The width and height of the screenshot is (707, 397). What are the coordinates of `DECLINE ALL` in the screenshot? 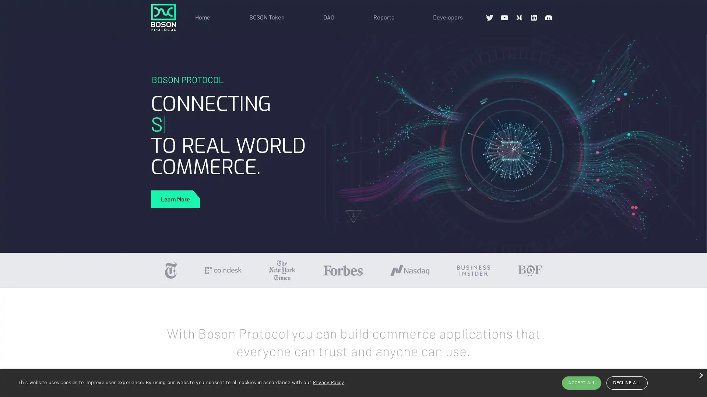 It's located at (626, 382).